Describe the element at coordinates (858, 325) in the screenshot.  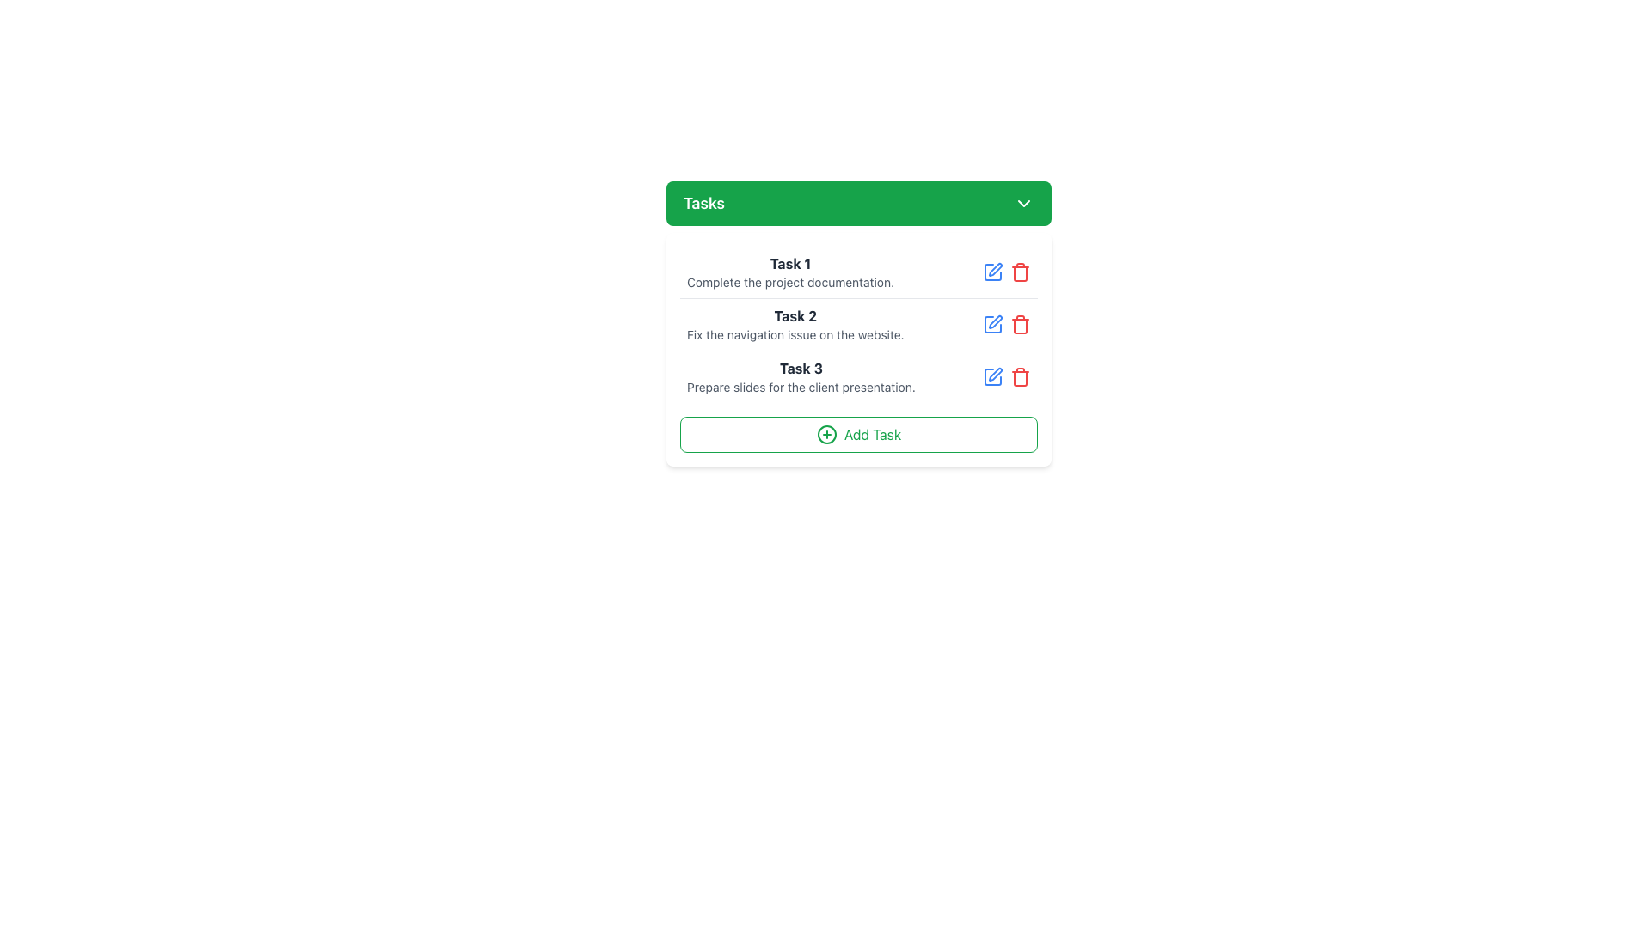
I see `the static text content displaying the description of the second task in the task list, which is located centrally within a card component` at that location.